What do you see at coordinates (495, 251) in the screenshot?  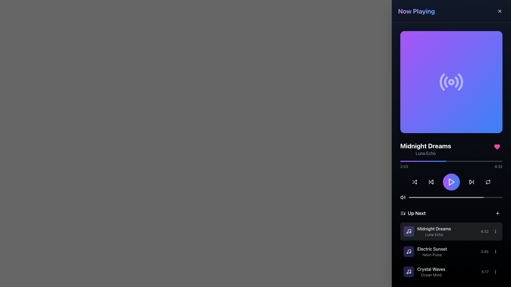 I see `the context menu trigger icon button for the 'Electric Sunset' track located in the 'Up Next' section to activate hover effects` at bounding box center [495, 251].